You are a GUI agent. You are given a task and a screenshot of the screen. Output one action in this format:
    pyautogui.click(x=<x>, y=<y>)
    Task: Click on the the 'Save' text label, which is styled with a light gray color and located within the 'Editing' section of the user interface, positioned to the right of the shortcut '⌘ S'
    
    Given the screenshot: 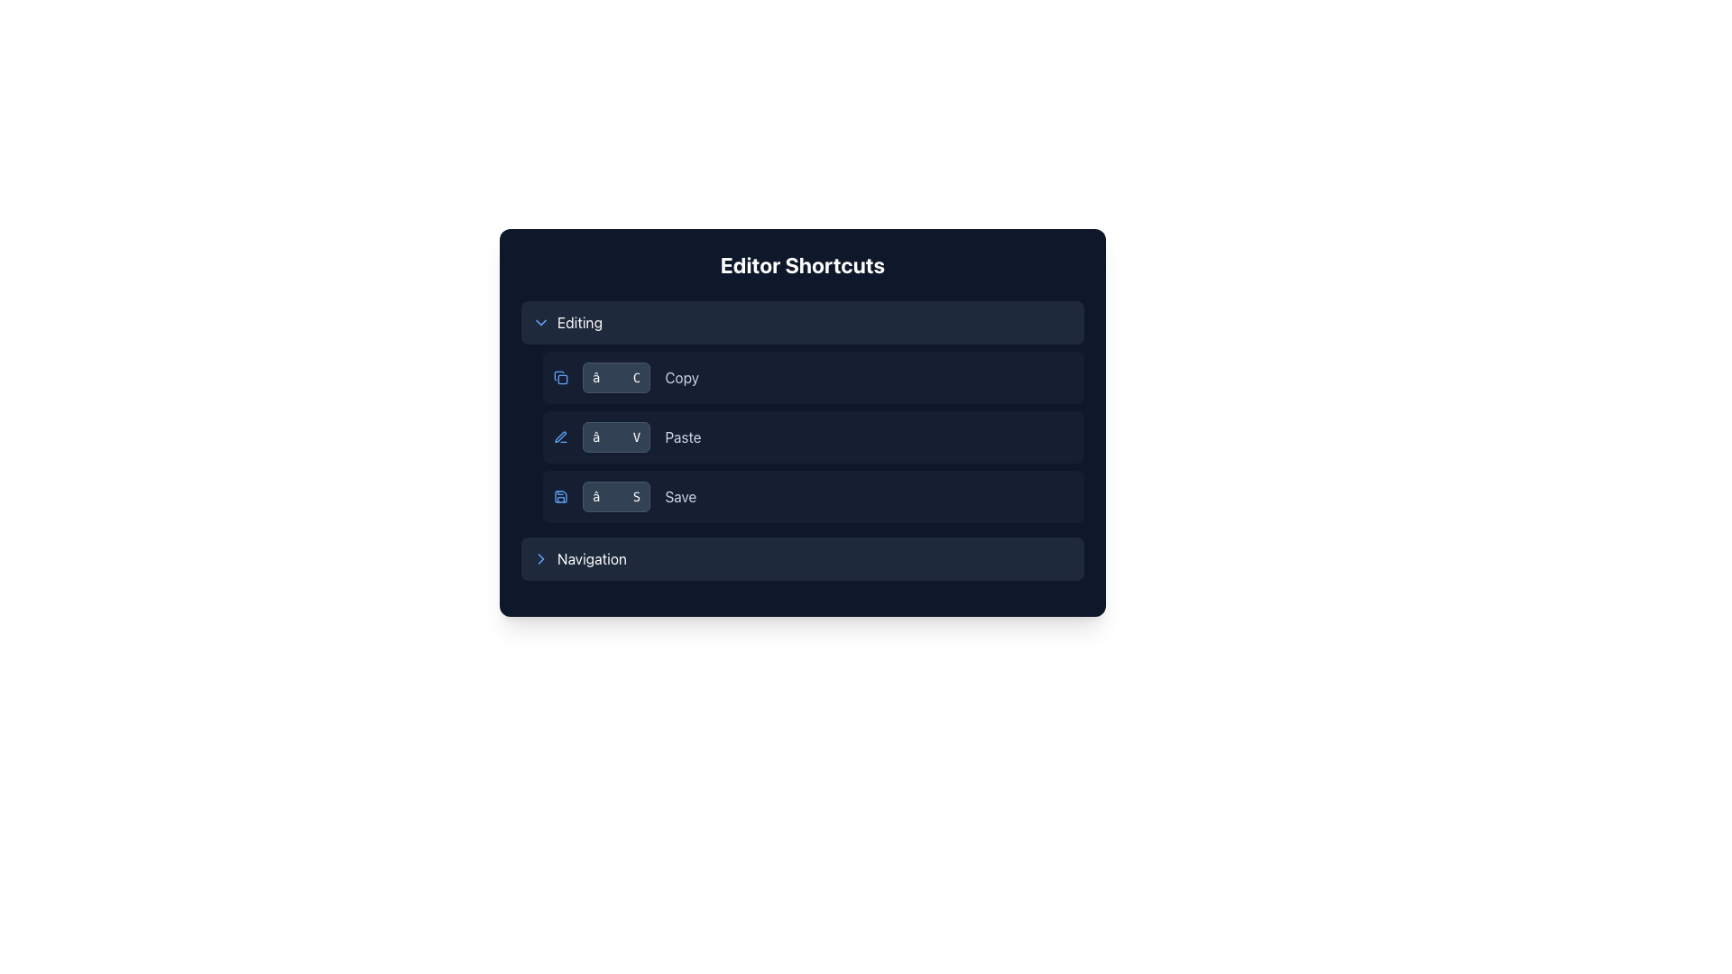 What is the action you would take?
    pyautogui.click(x=679, y=497)
    